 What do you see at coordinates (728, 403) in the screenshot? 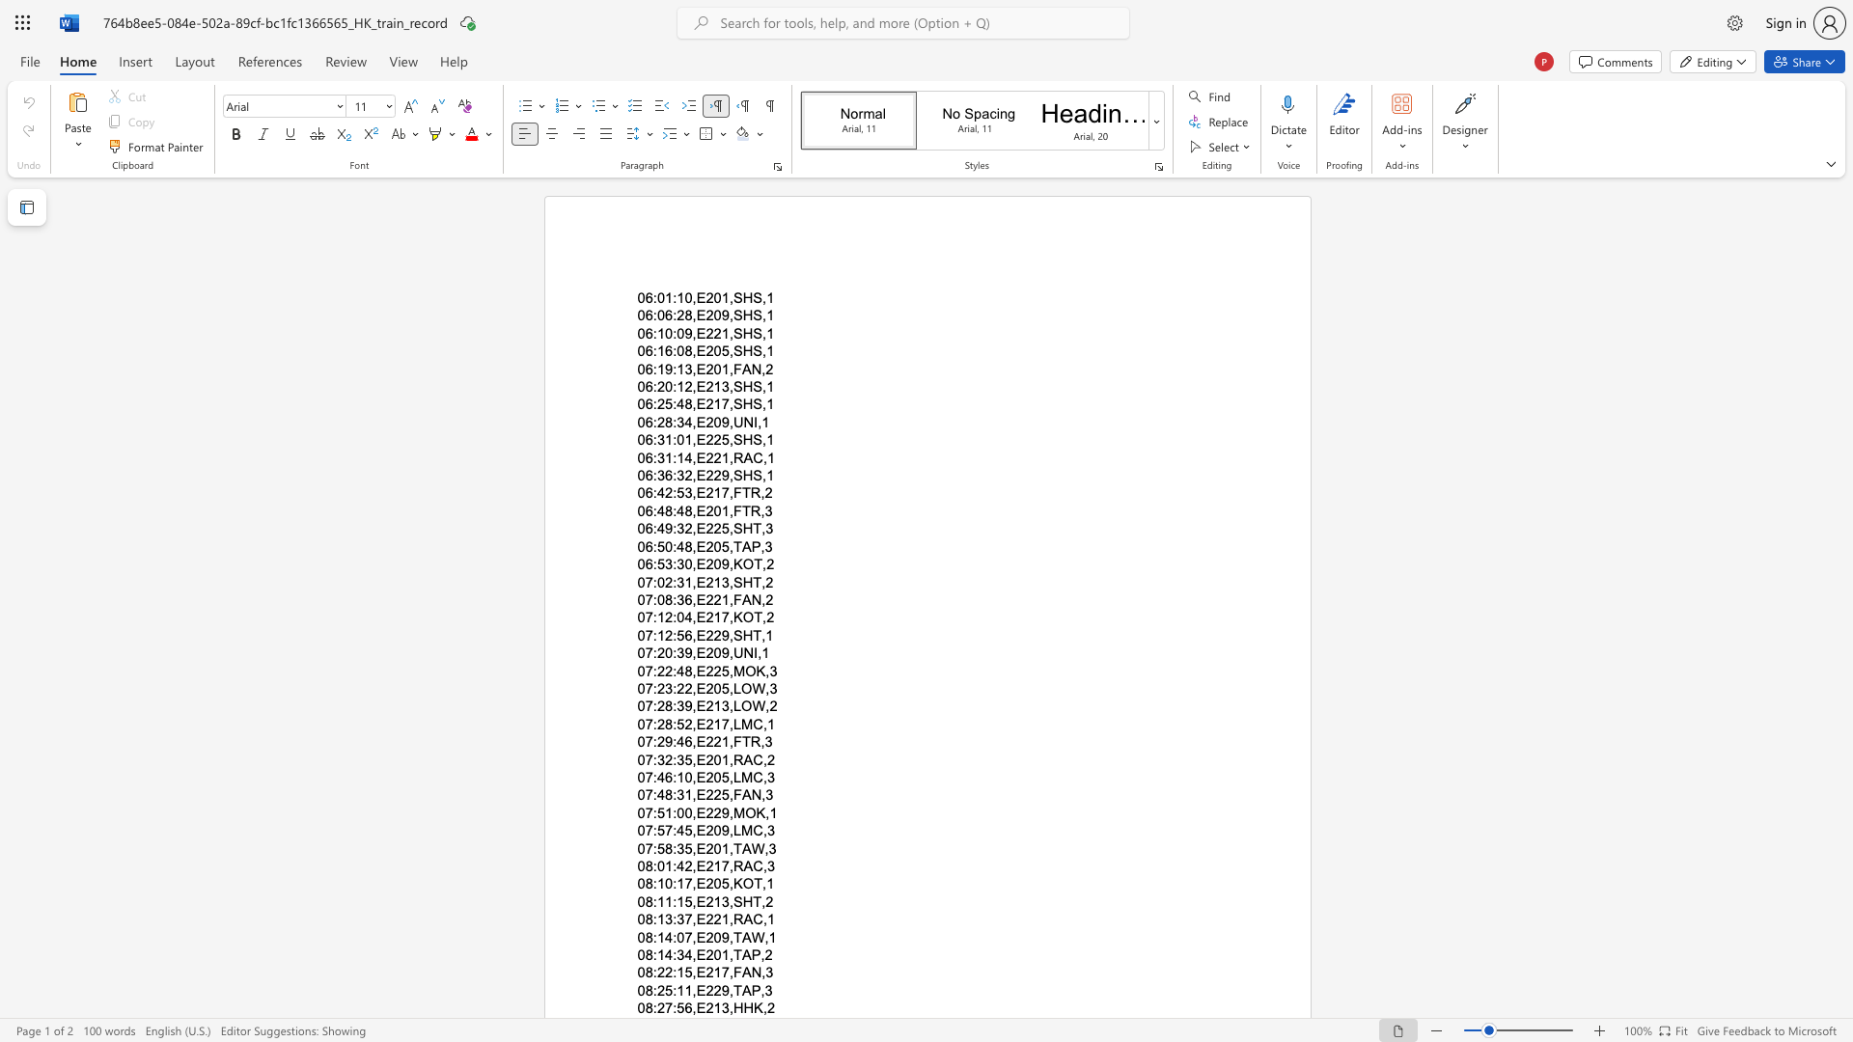
I see `the subset text ",SHS" within the text "06:25:48,E217,SHS,1"` at bounding box center [728, 403].